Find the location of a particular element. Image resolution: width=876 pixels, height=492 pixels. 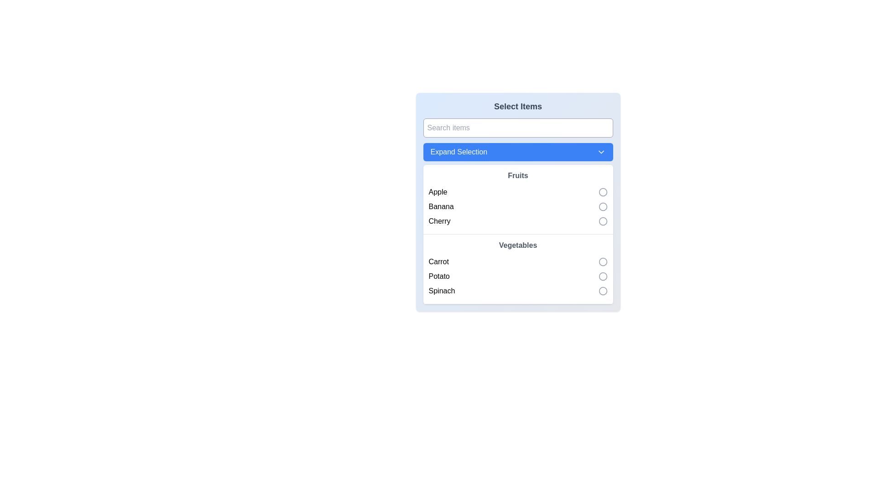

the list item displaying 'Banana' is located at coordinates (518, 207).